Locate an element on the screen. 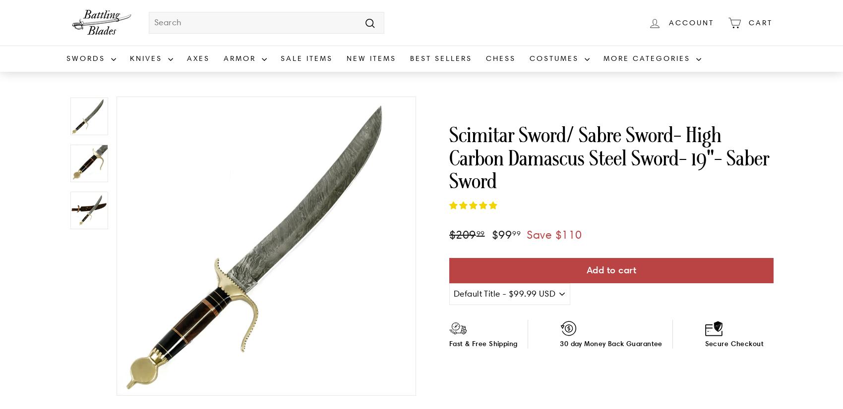 This screenshot has height=409, width=843. 'Steampunk' is located at coordinates (530, 219).